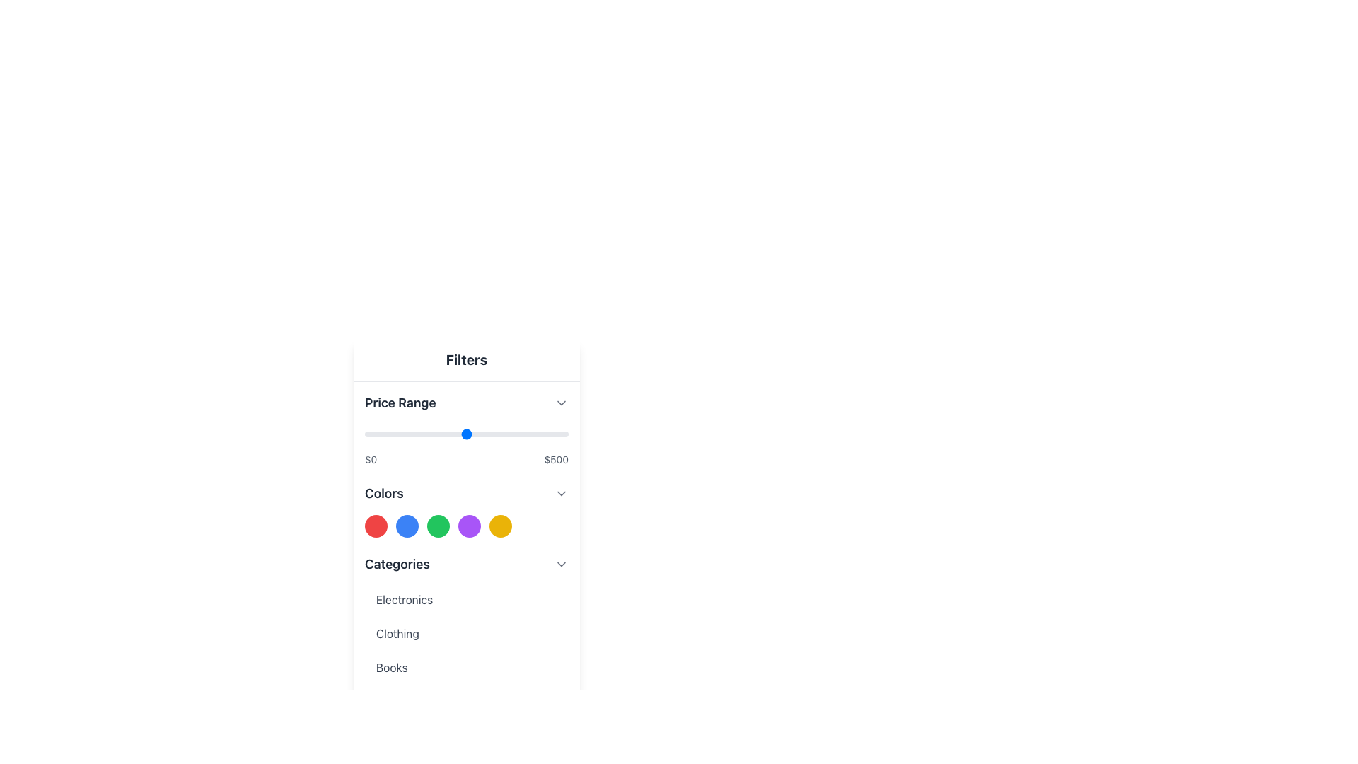 Image resolution: width=1358 pixels, height=764 pixels. What do you see at coordinates (407, 526) in the screenshot?
I see `the second circular button with a blue background in the 'Colors' category filter panel` at bounding box center [407, 526].